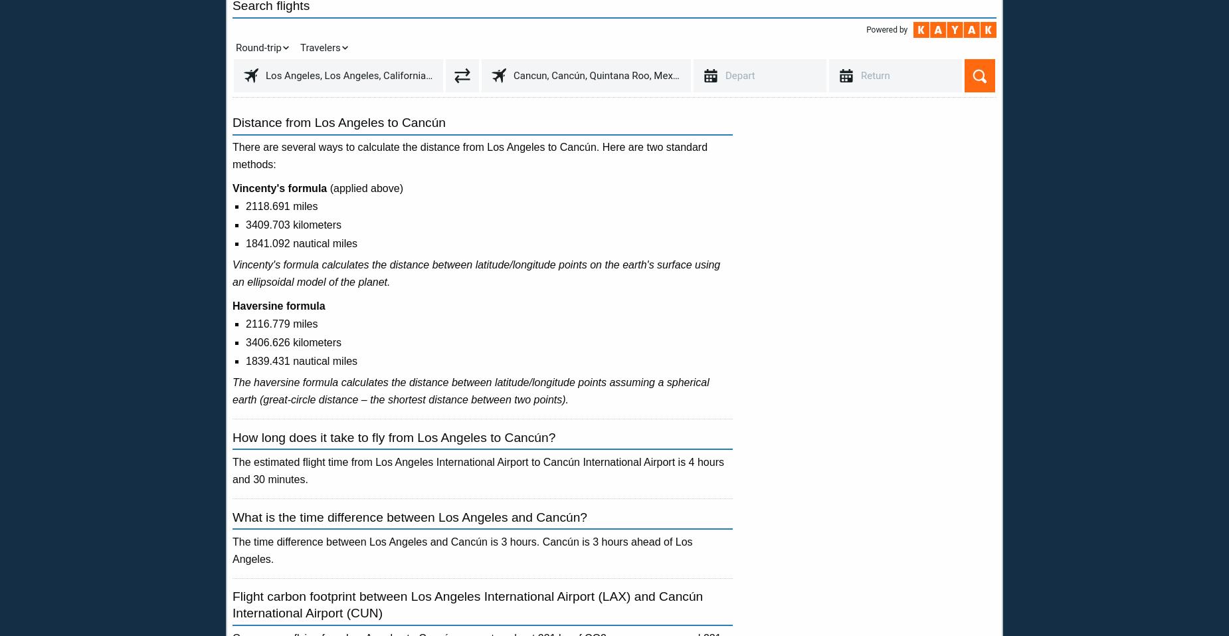 Image resolution: width=1229 pixels, height=636 pixels. What do you see at coordinates (393, 436) in the screenshot?
I see `'How long does it take to fly from Los Angeles to Cancún?'` at bounding box center [393, 436].